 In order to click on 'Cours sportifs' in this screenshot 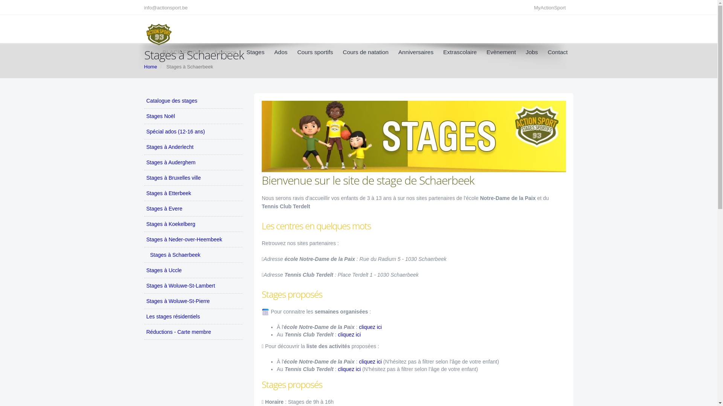, I will do `click(315, 52)`.